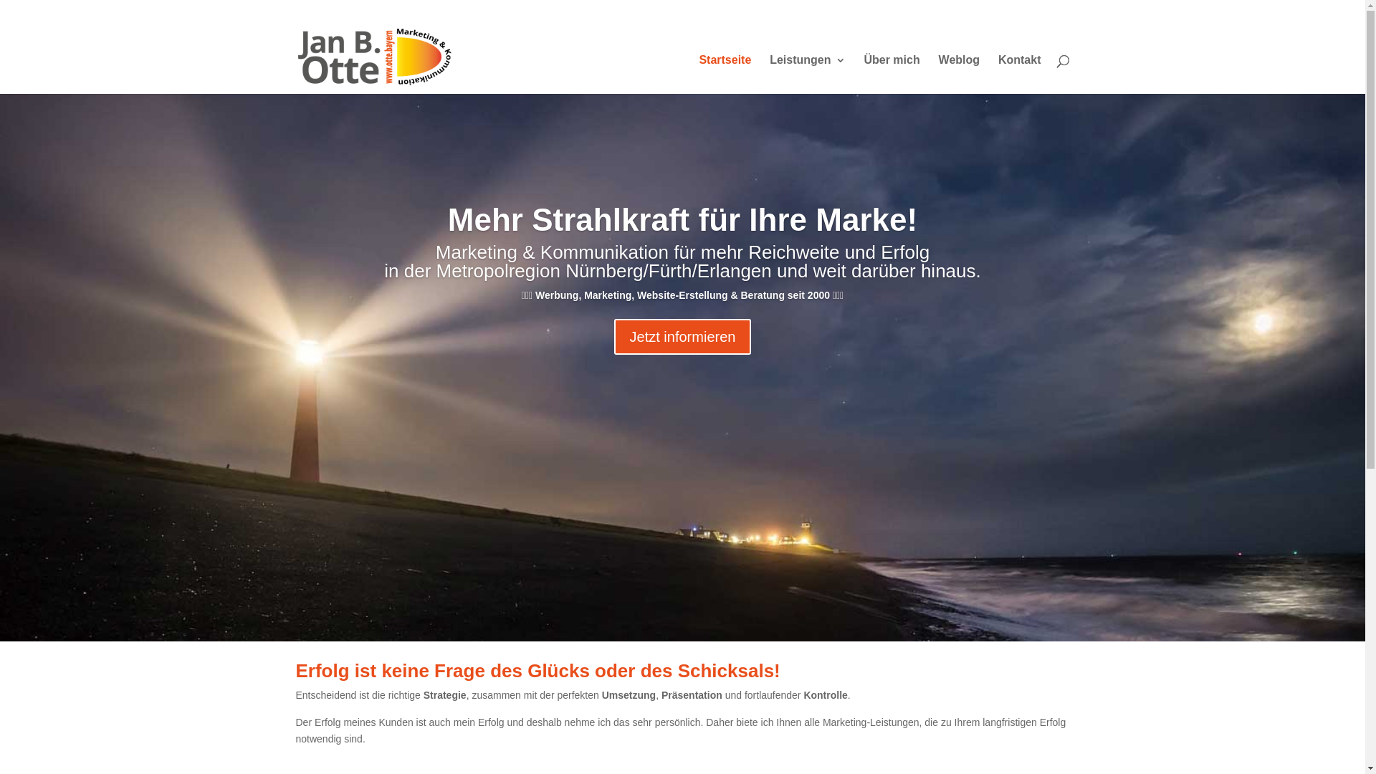 Image resolution: width=1376 pixels, height=774 pixels. I want to click on 'Kontakt', so click(1018, 75).